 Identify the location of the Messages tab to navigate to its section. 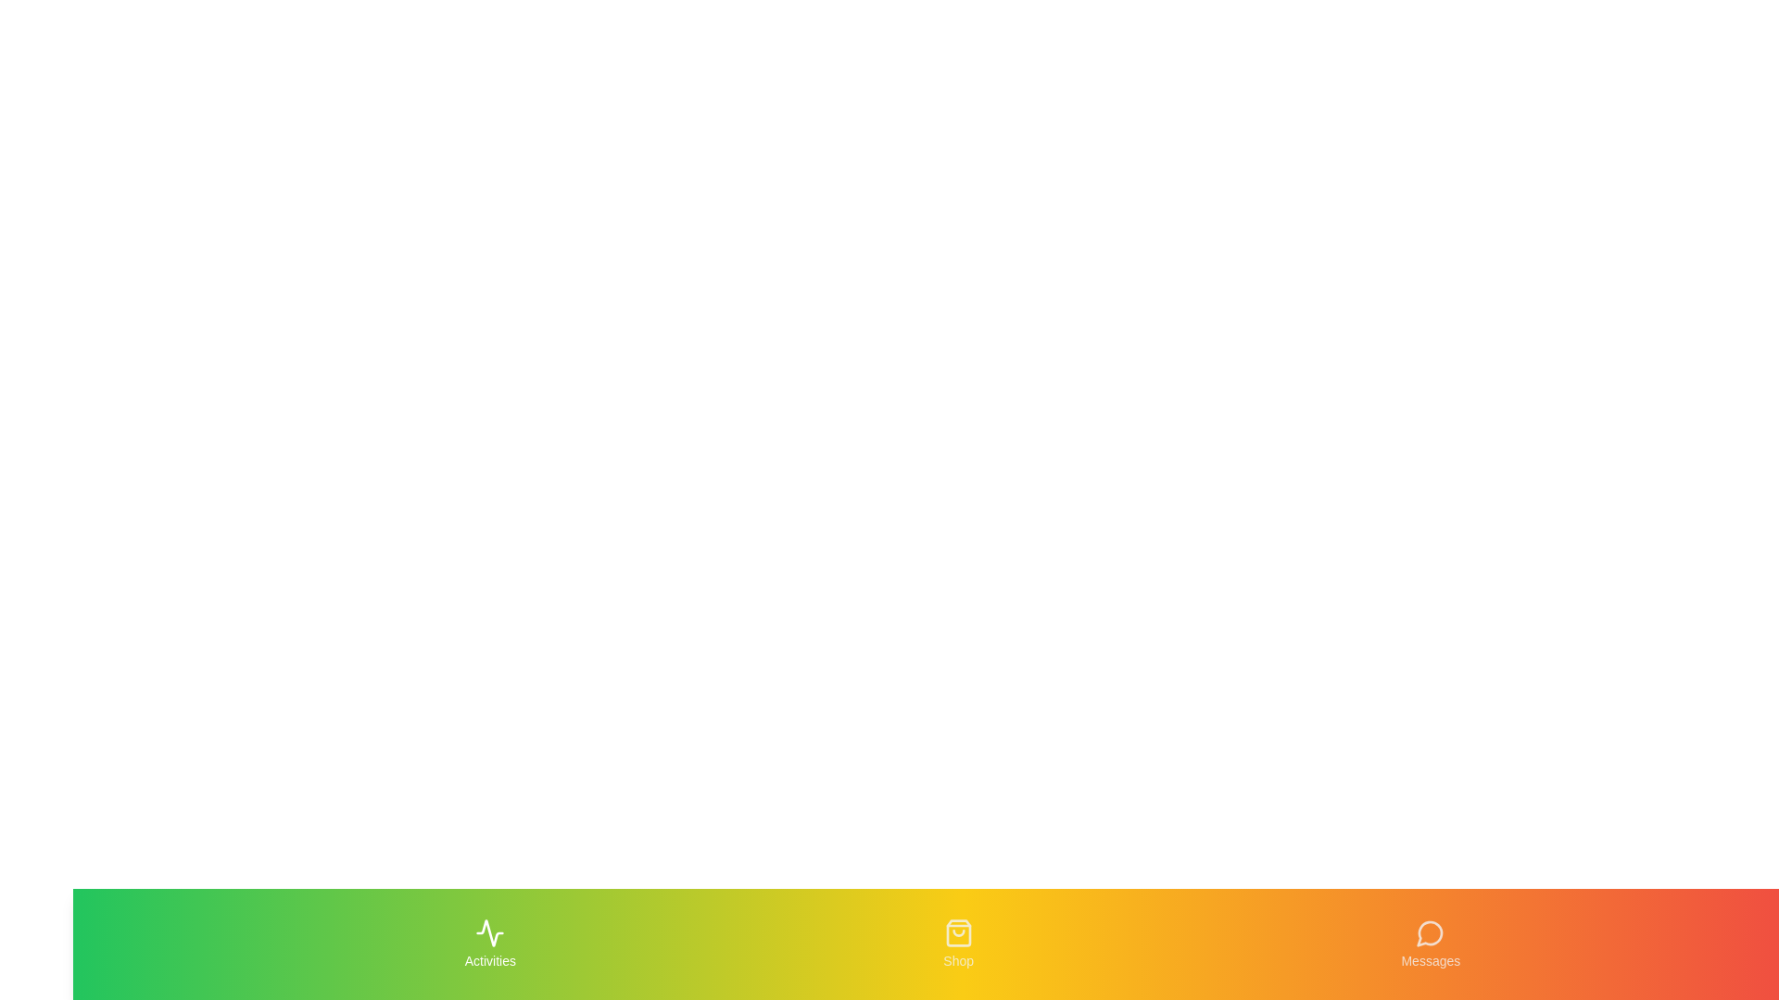
(1430, 944).